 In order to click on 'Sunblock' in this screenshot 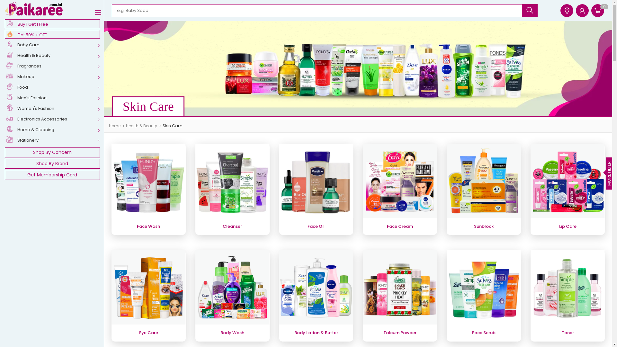, I will do `click(446, 189)`.